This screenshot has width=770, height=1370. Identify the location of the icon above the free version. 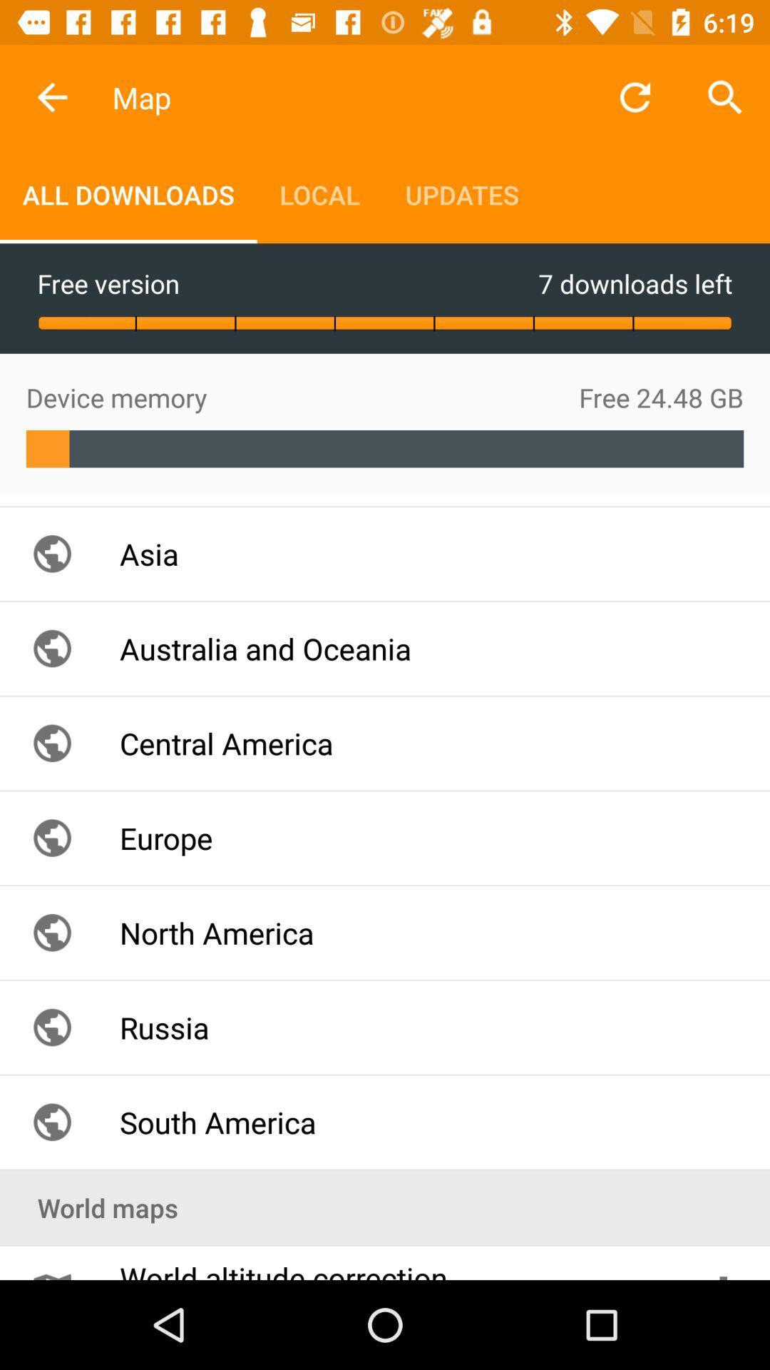
(128, 194).